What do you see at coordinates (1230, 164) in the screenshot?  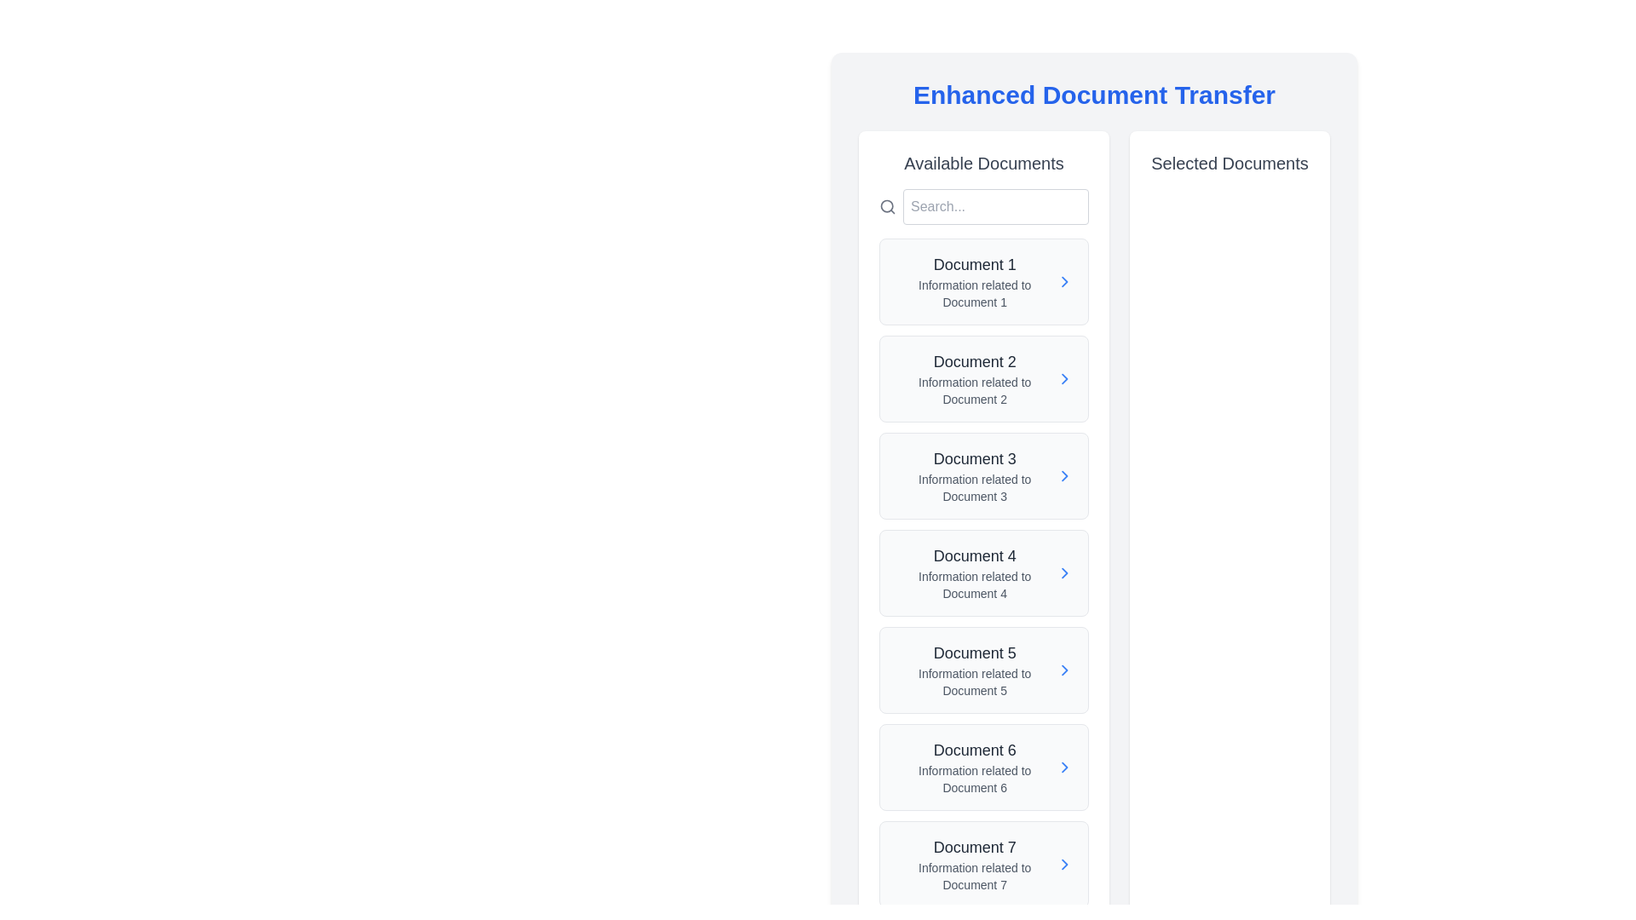 I see `the 'Selected Documents' text label, which is a bold gray text on a white background, positioned at the top of the right-hand column` at bounding box center [1230, 164].